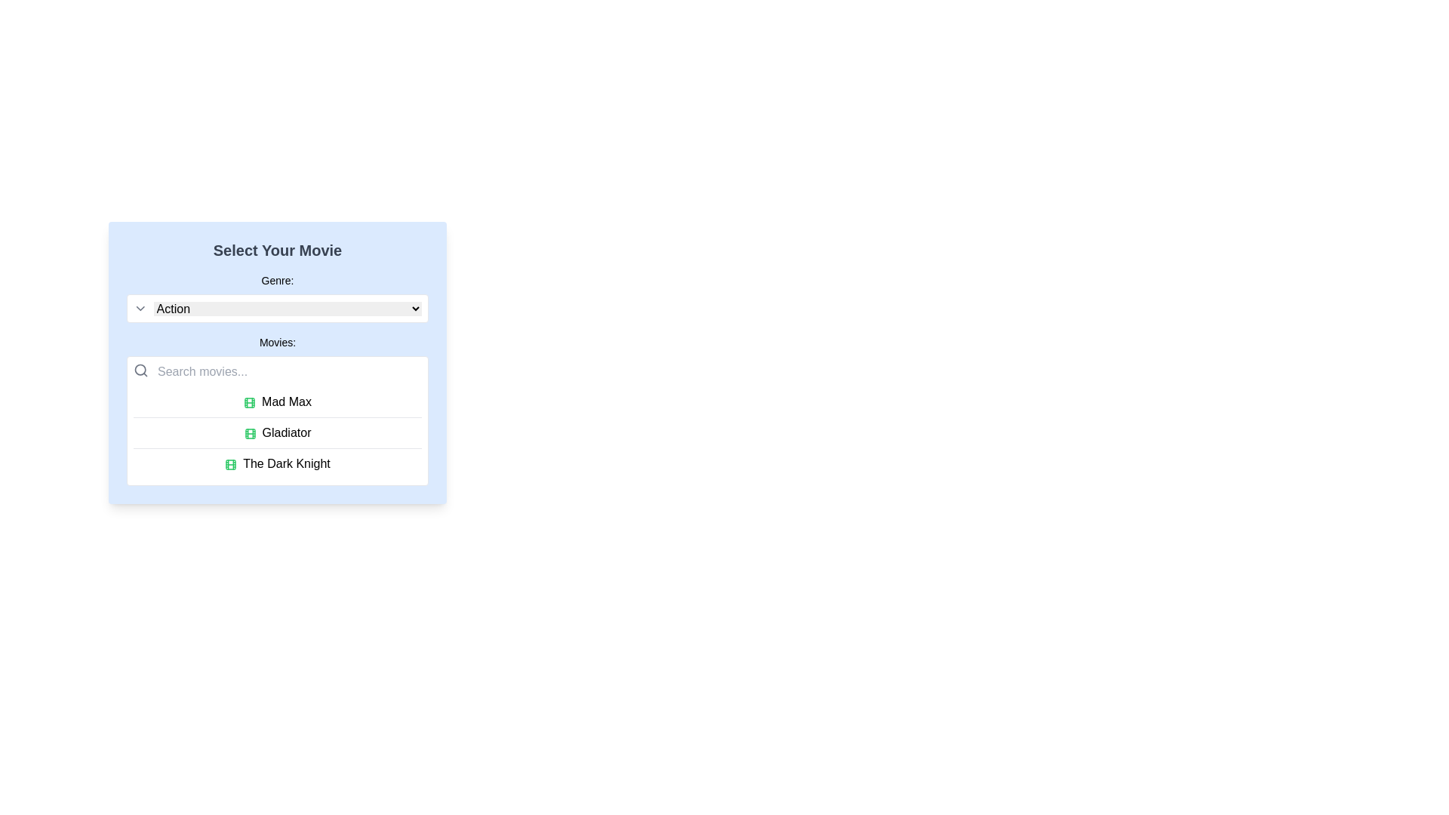  Describe the element at coordinates (140, 370) in the screenshot. I see `the SVG Circle that represents the circular outline of the magnifying glass icon located at the top-left corner of the search bar in the movie selection interface` at that location.